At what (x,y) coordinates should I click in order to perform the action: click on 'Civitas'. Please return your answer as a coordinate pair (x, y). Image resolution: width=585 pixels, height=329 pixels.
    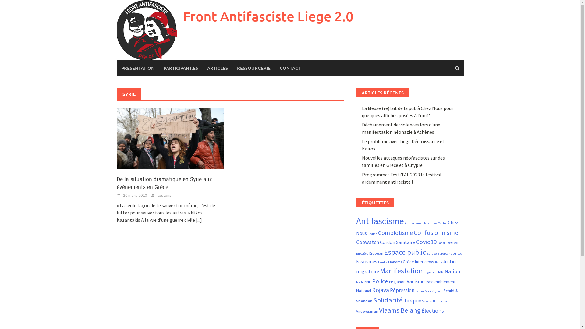
    Looking at the image, I should click on (372, 233).